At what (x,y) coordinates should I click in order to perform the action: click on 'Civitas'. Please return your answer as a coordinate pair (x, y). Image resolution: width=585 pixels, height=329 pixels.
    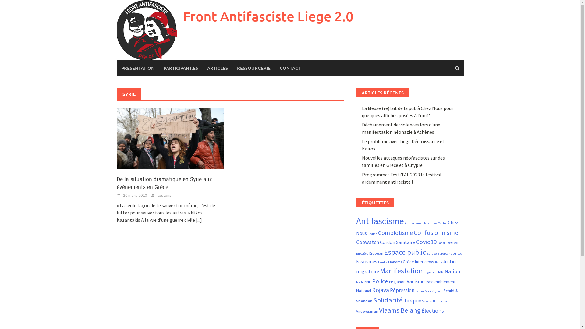
    Looking at the image, I should click on (372, 233).